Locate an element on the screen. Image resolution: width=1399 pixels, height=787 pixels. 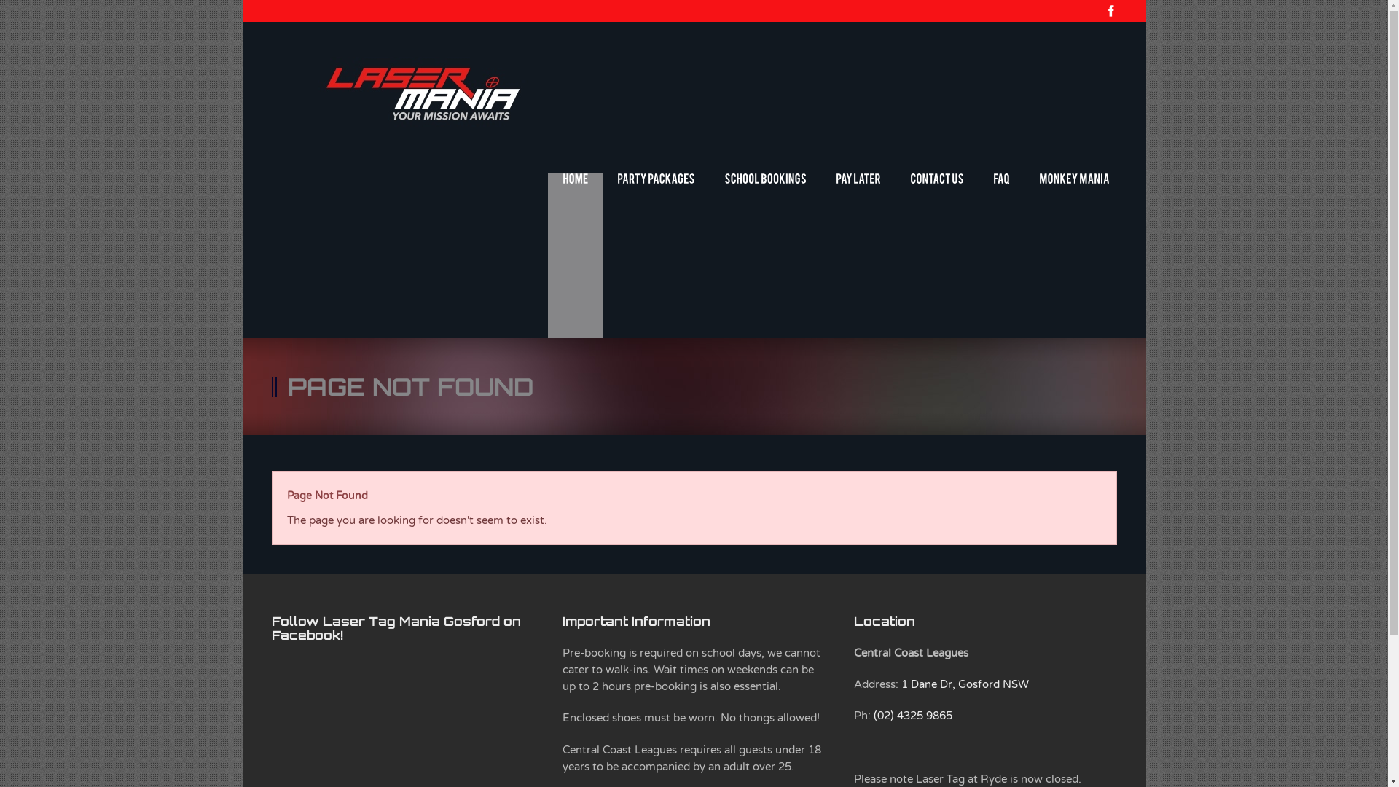
'(02) 4325 9865' is located at coordinates (912, 715).